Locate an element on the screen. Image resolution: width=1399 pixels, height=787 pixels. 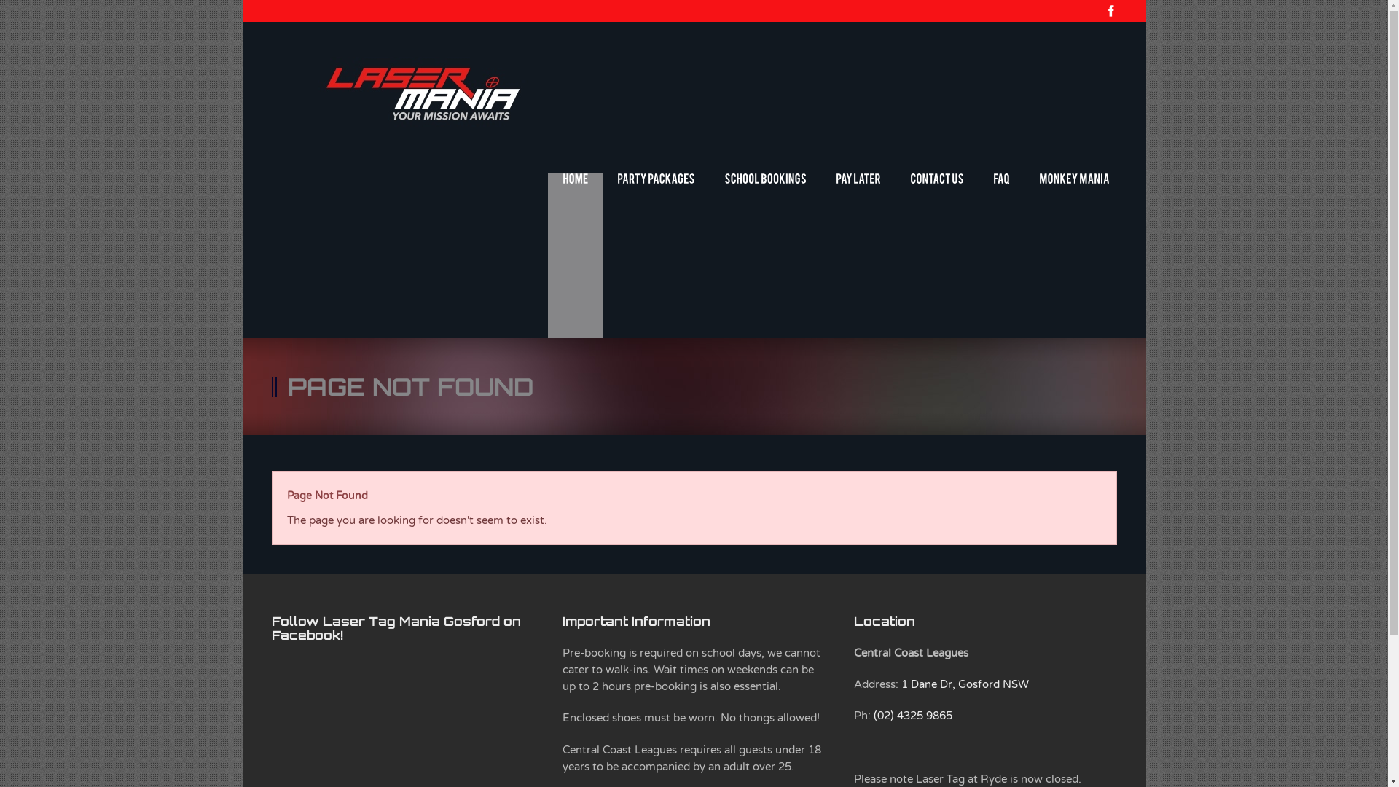
'(02) 4325 9865' is located at coordinates (912, 715).